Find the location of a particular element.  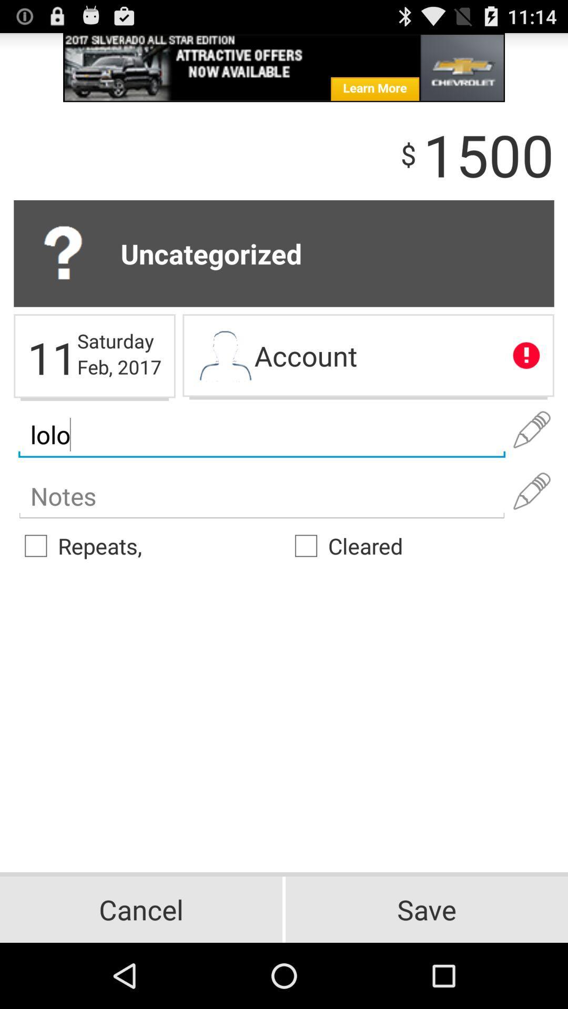

edit option is located at coordinates (532, 430).